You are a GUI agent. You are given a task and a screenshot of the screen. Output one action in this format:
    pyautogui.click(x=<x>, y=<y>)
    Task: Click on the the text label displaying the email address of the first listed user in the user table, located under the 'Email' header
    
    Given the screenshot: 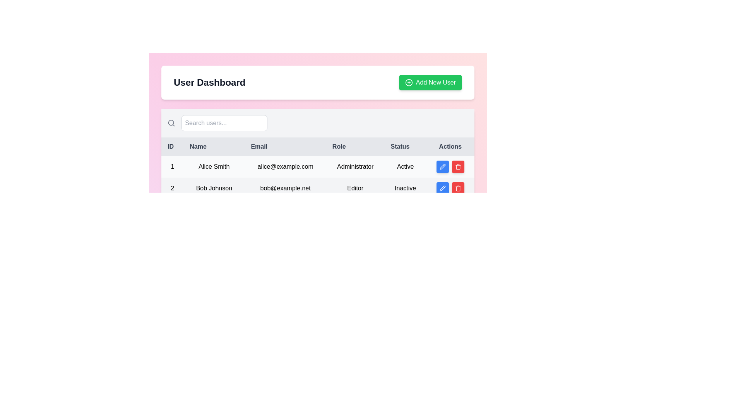 What is the action you would take?
    pyautogui.click(x=285, y=166)
    